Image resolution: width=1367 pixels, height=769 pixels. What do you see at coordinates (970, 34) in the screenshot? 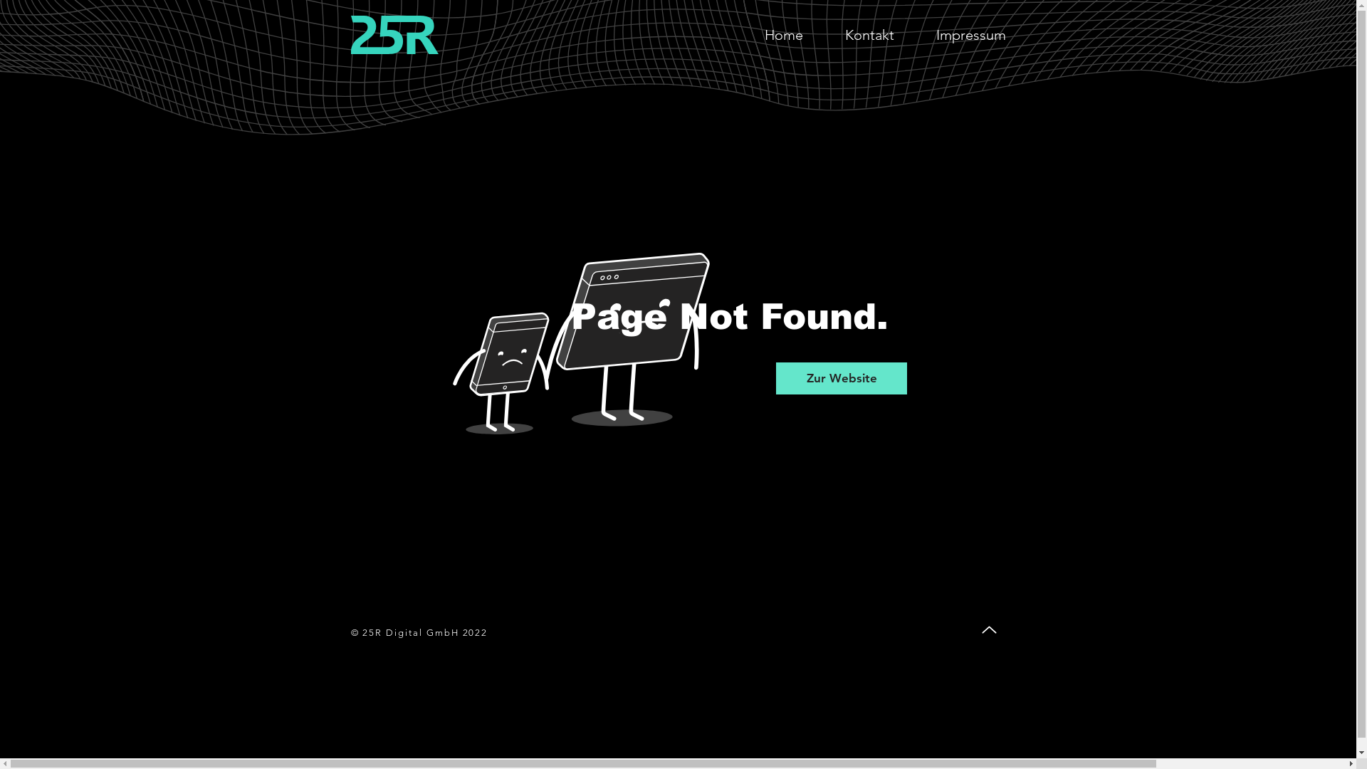
I see `'Impressum'` at bounding box center [970, 34].